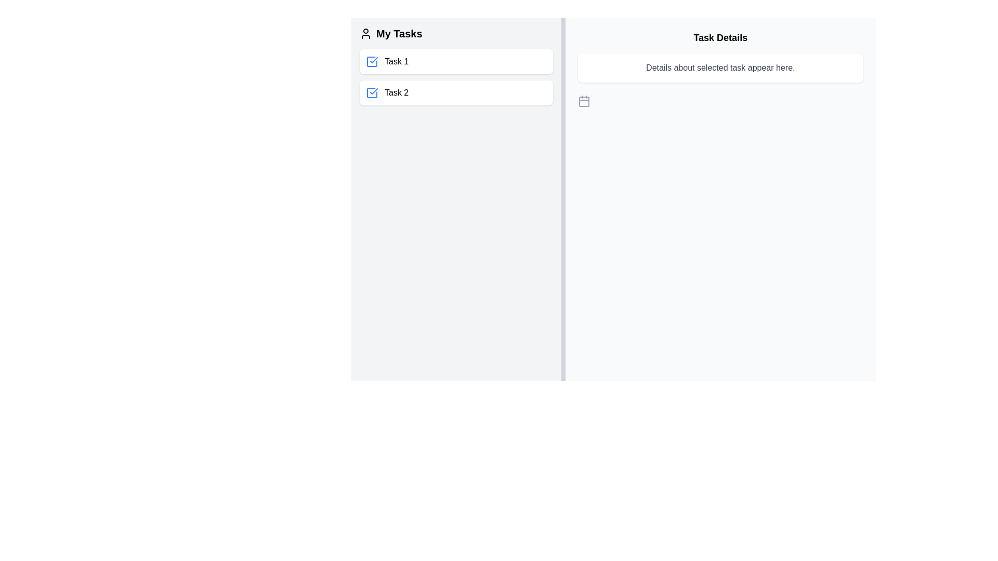 Image resolution: width=998 pixels, height=561 pixels. What do you see at coordinates (584, 102) in the screenshot?
I see `the SVG rectangle component that is part of the calendar icon representation located below the 'Task Details' heading on the right panel of the interface` at bounding box center [584, 102].